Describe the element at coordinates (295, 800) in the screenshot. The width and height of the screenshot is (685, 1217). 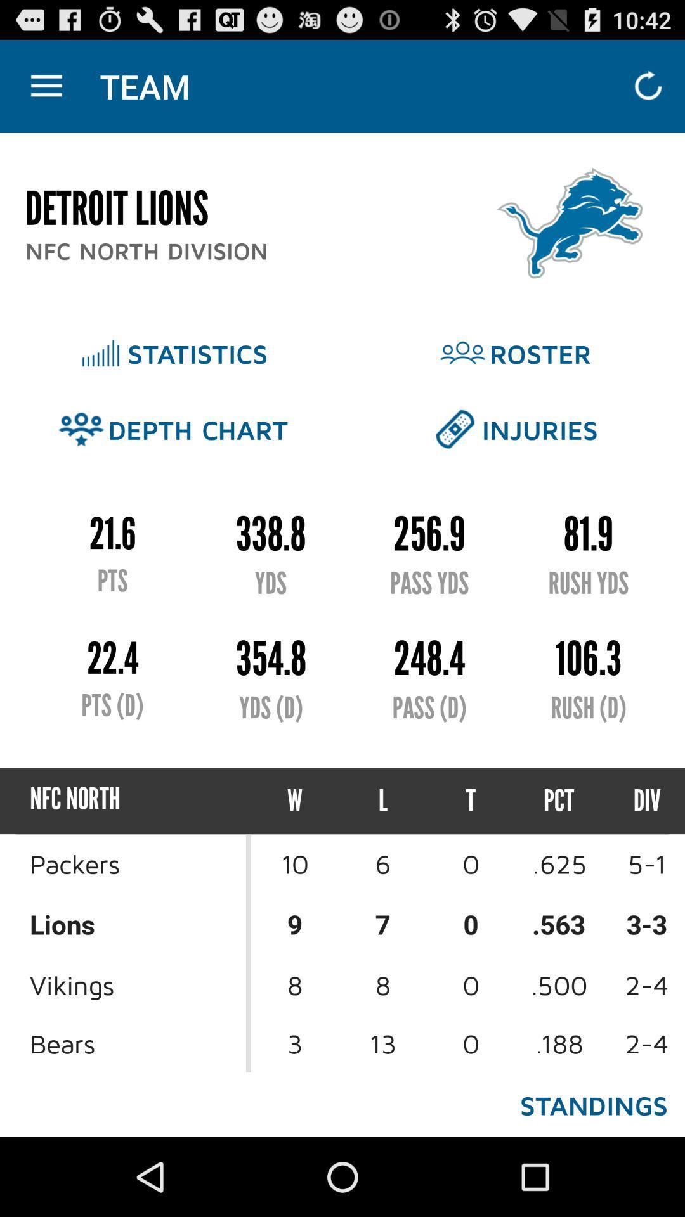
I see `item to the left of l item` at that location.